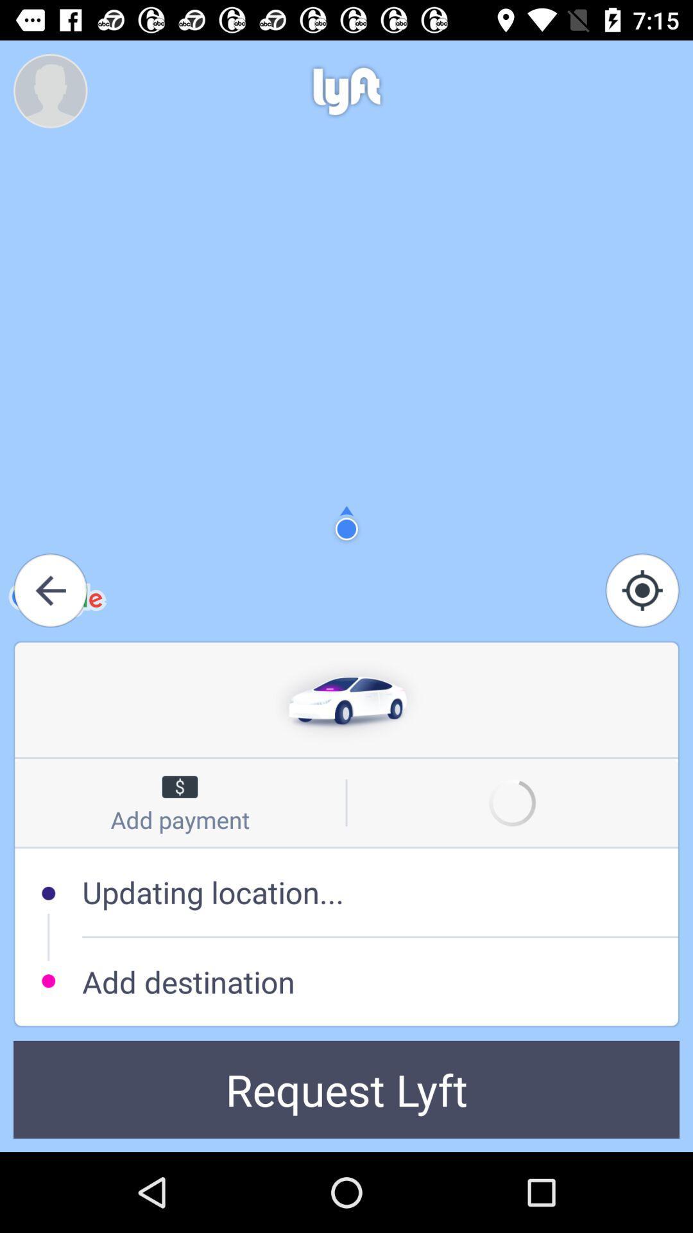  What do you see at coordinates (642, 590) in the screenshot?
I see `the location_crosshair icon` at bounding box center [642, 590].